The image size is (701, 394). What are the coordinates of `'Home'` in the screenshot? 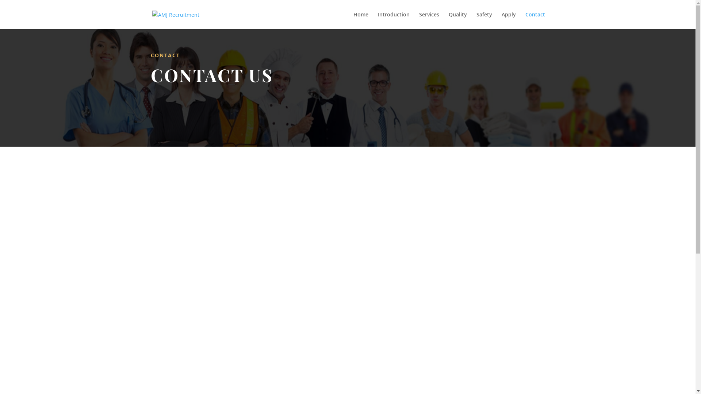 It's located at (361, 20).